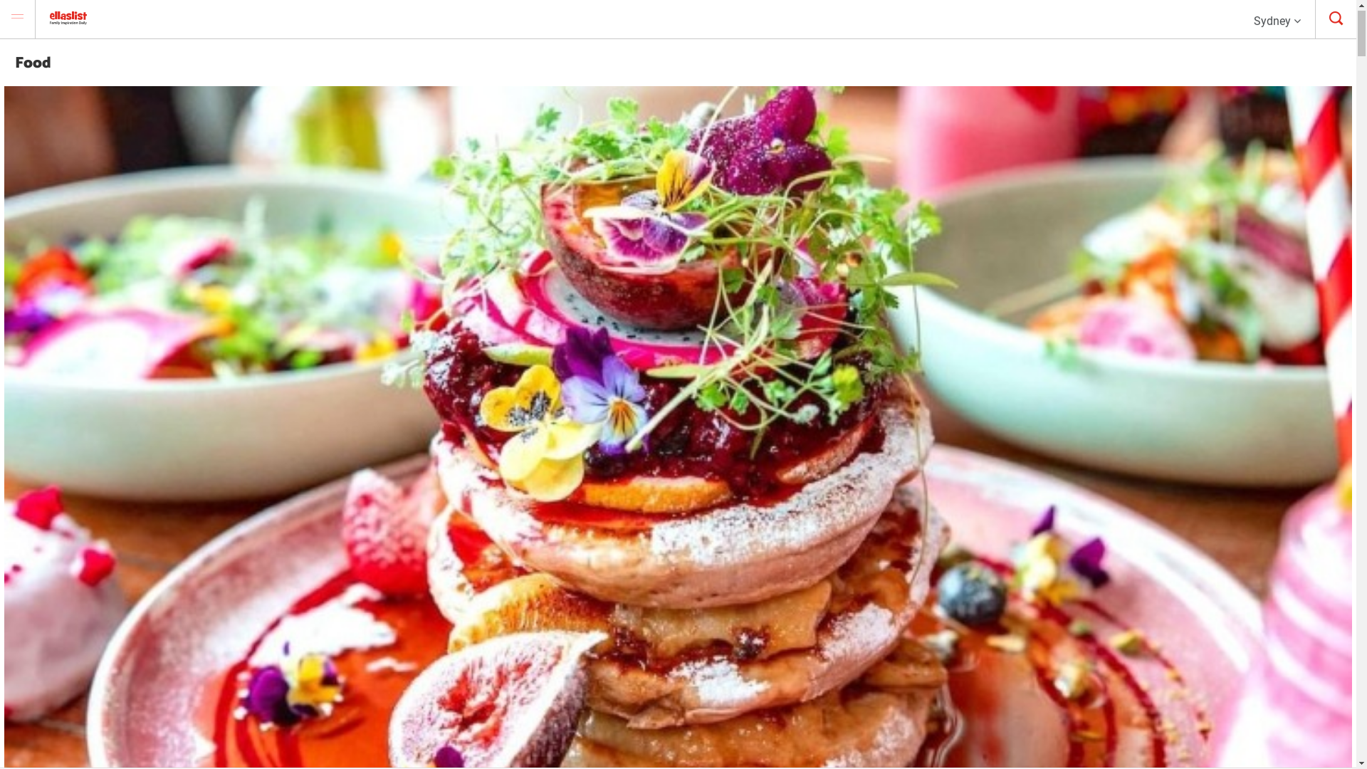  Describe the element at coordinates (1277, 17) in the screenshot. I see `'Sydney'` at that location.